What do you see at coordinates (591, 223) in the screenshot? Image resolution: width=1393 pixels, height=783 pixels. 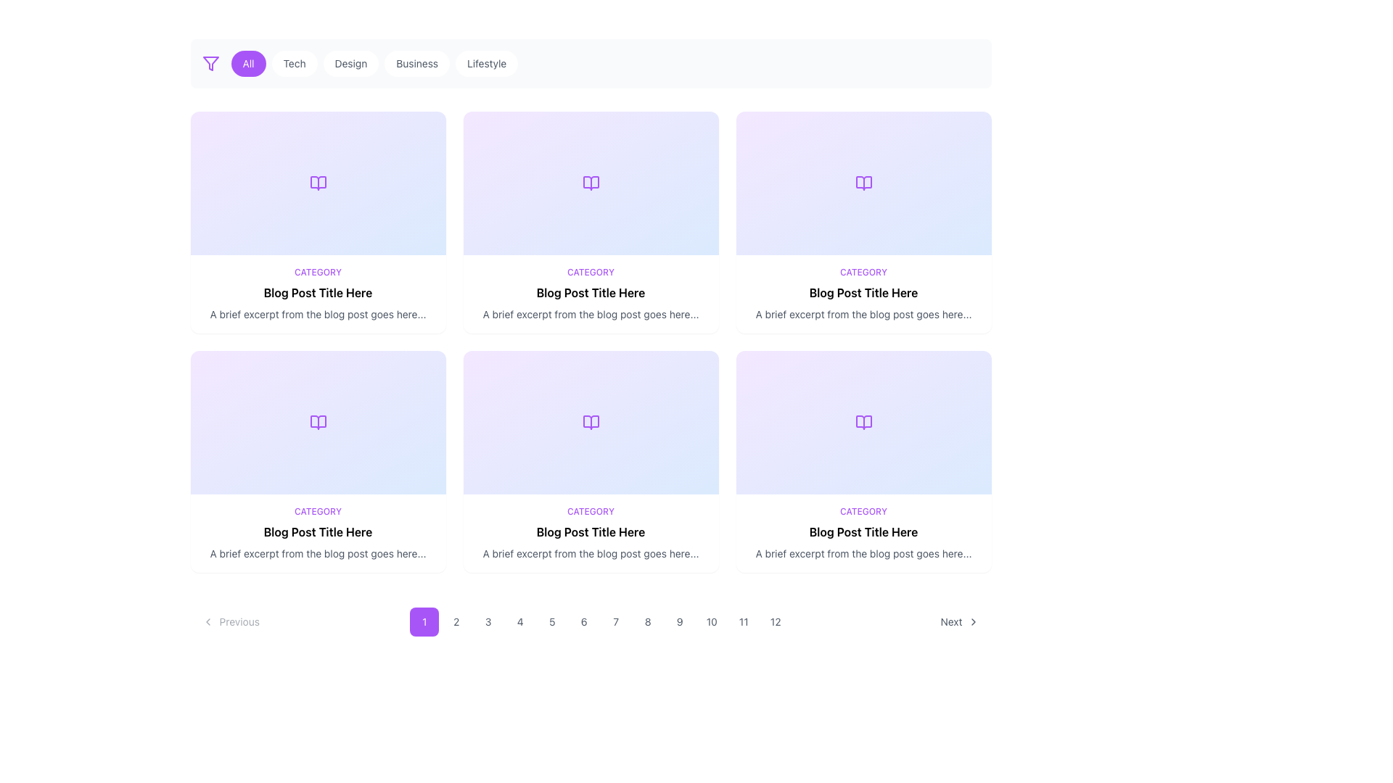 I see `the blog post preview card located in the second column of the first row, below the horizontal filter menu` at bounding box center [591, 223].